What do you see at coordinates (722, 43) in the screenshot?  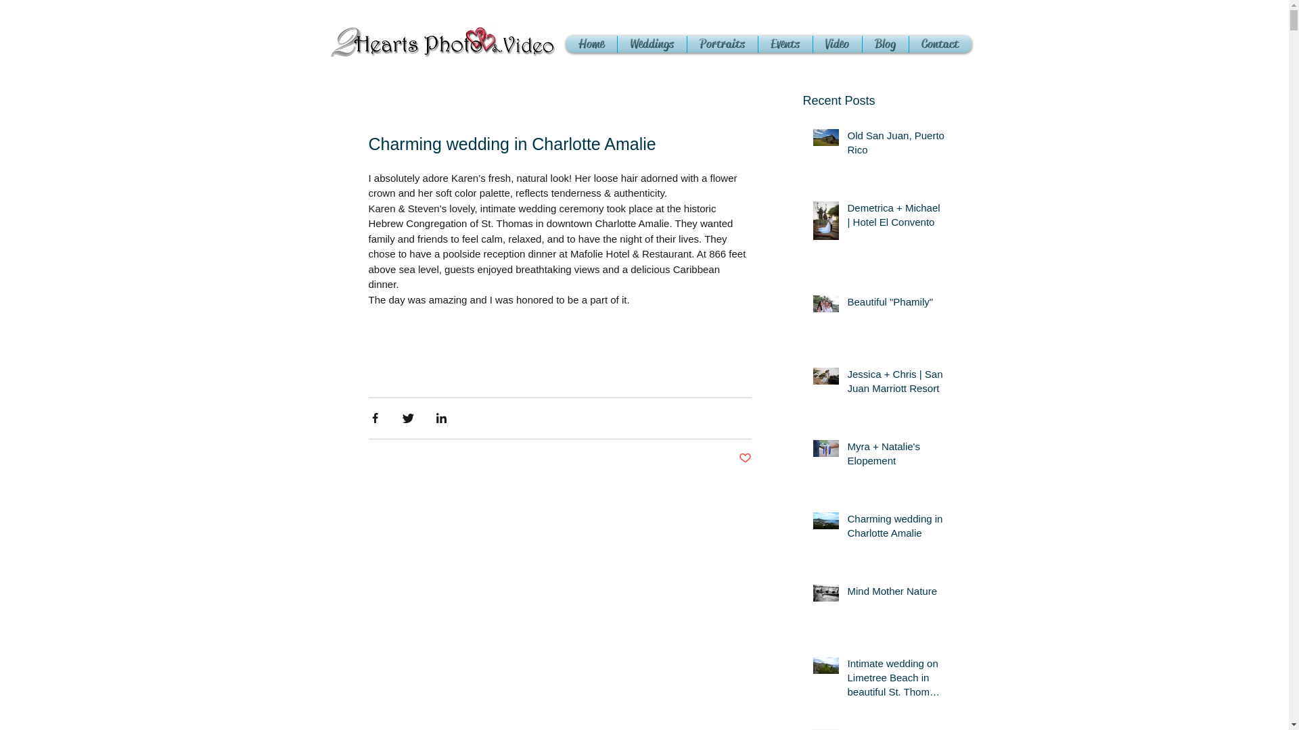 I see `'Portraits'` at bounding box center [722, 43].